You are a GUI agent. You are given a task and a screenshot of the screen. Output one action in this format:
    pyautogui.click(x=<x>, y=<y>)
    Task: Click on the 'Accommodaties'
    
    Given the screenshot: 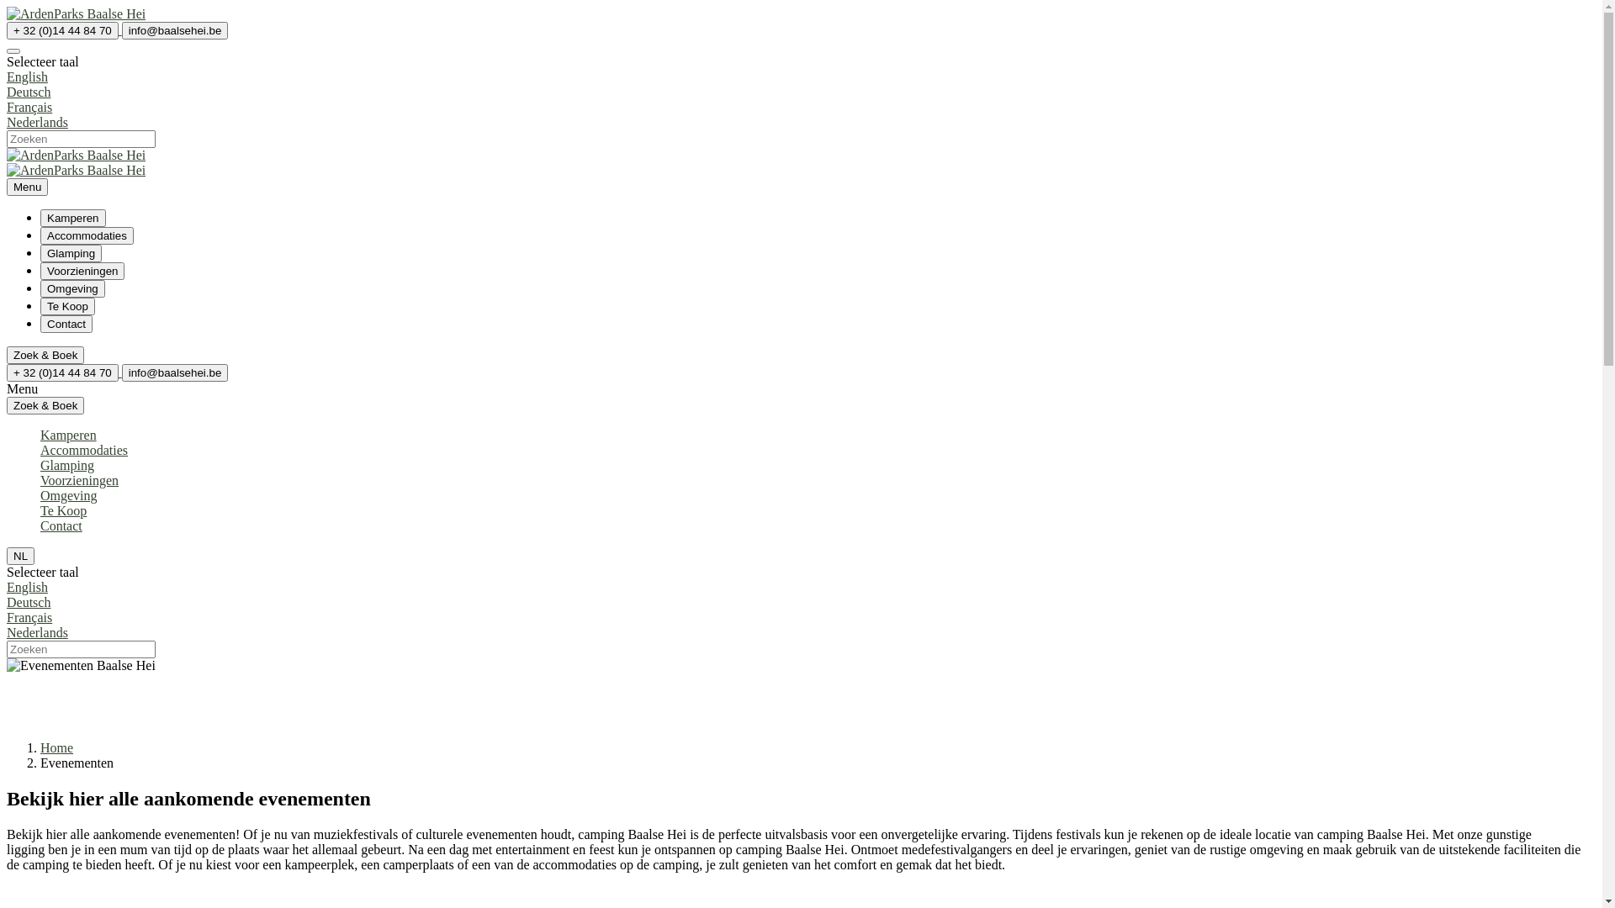 What is the action you would take?
    pyautogui.click(x=86, y=235)
    